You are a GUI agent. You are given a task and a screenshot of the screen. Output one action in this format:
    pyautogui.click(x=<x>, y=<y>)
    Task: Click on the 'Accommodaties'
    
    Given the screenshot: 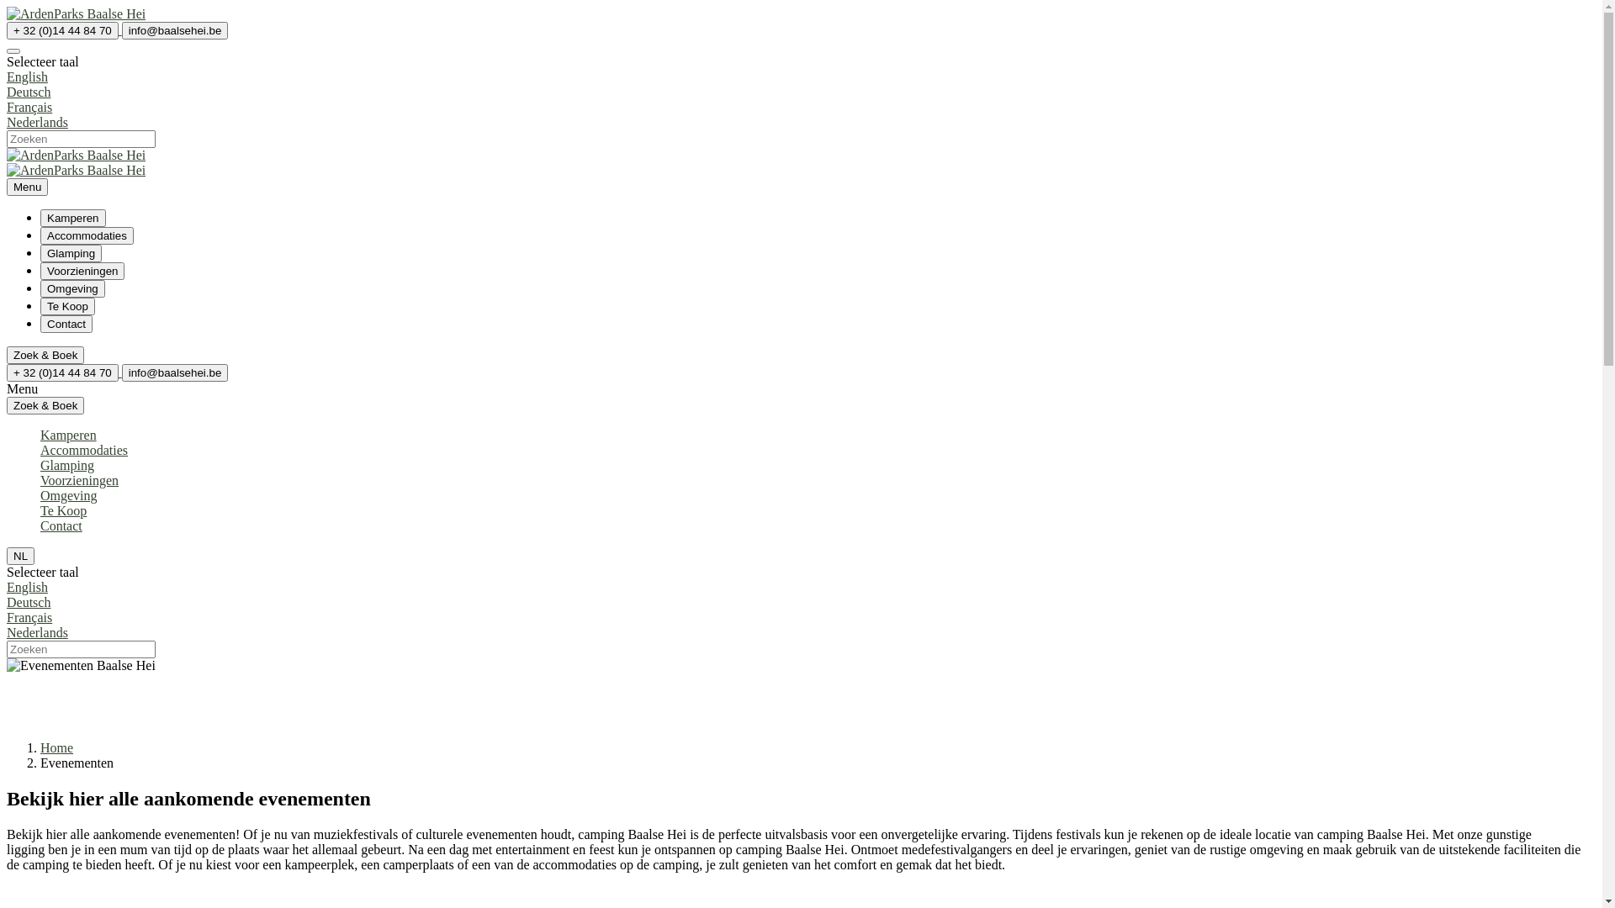 What is the action you would take?
    pyautogui.click(x=86, y=235)
    